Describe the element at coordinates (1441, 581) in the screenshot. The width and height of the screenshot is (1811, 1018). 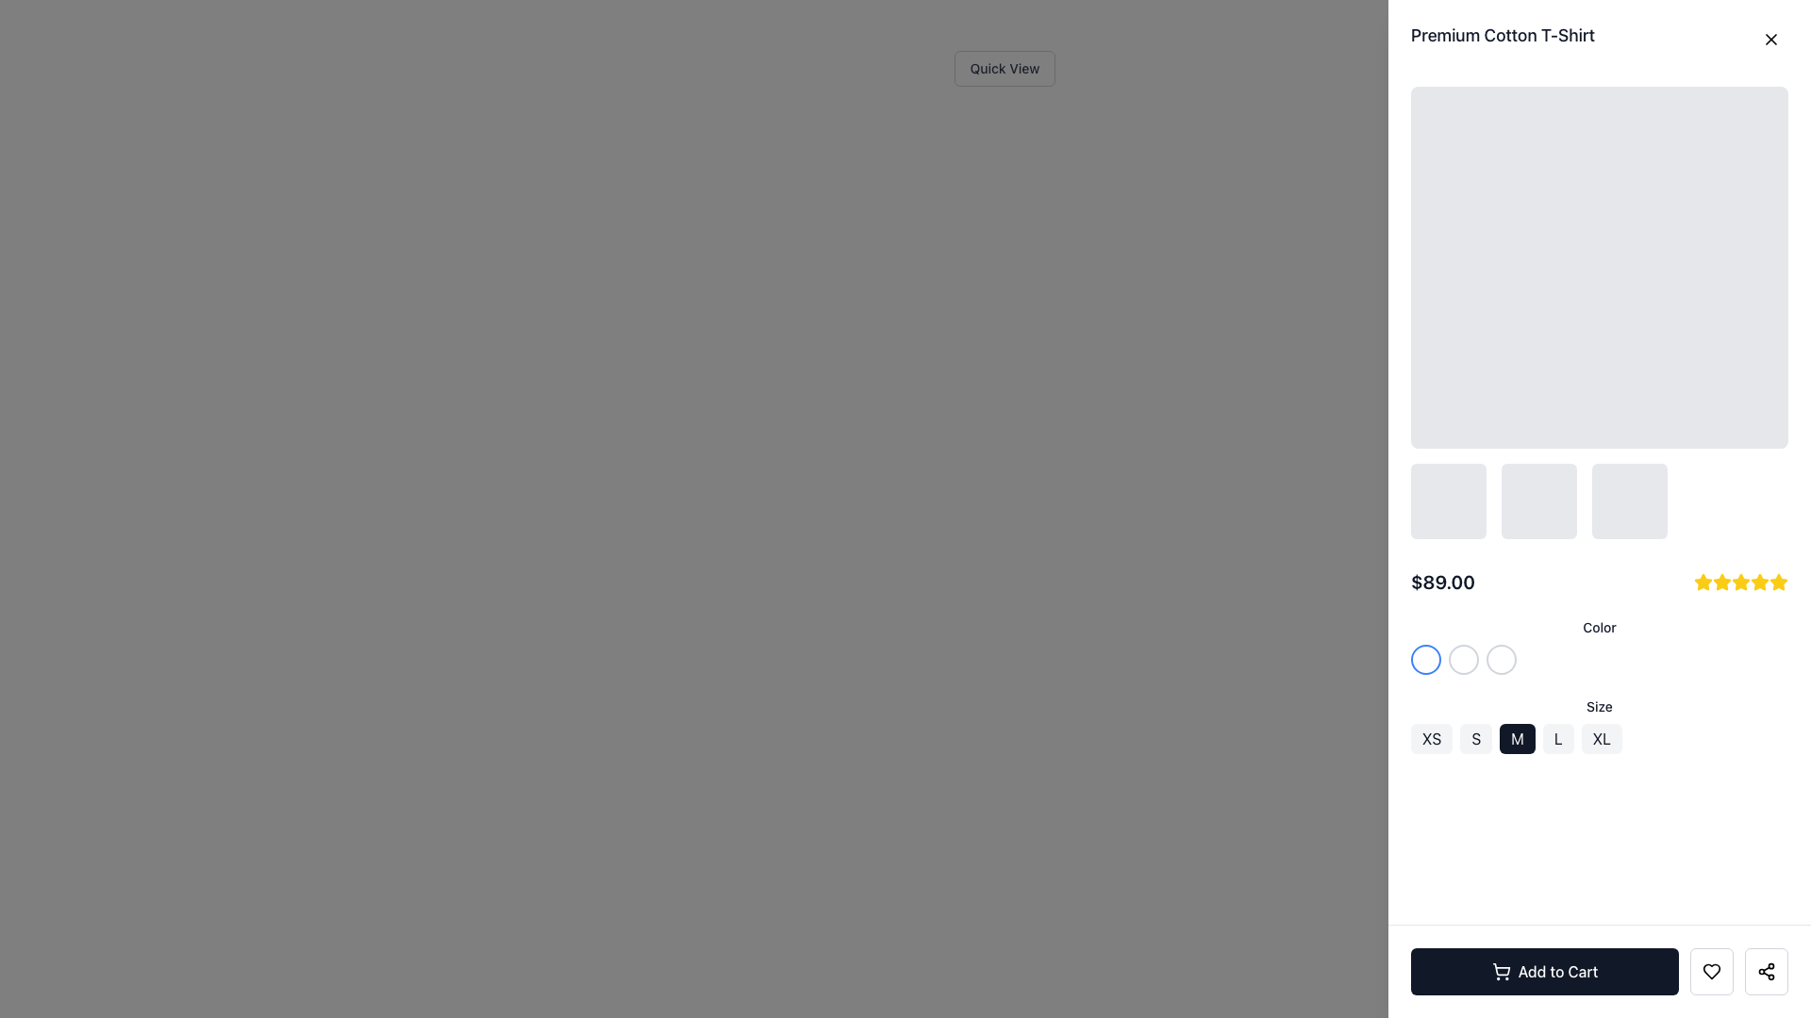
I see `the text label displaying the price '$89.00', which is styled in a large, bold font and is prominently placed to the left of a set of yellow star icons` at that location.